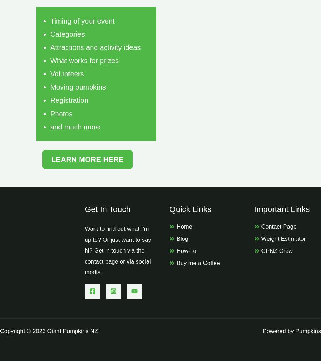  What do you see at coordinates (50, 61) in the screenshot?
I see `'What works for prizes'` at bounding box center [50, 61].